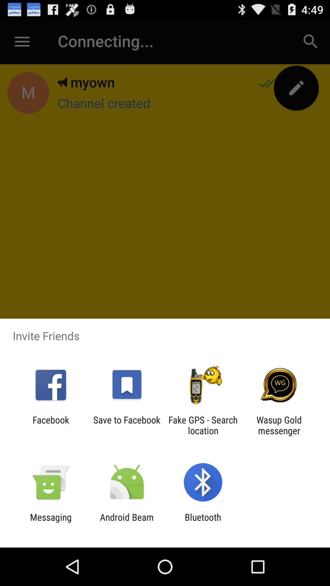 The image size is (330, 586). I want to click on wasup gold messenger at the bottom right corner, so click(279, 425).